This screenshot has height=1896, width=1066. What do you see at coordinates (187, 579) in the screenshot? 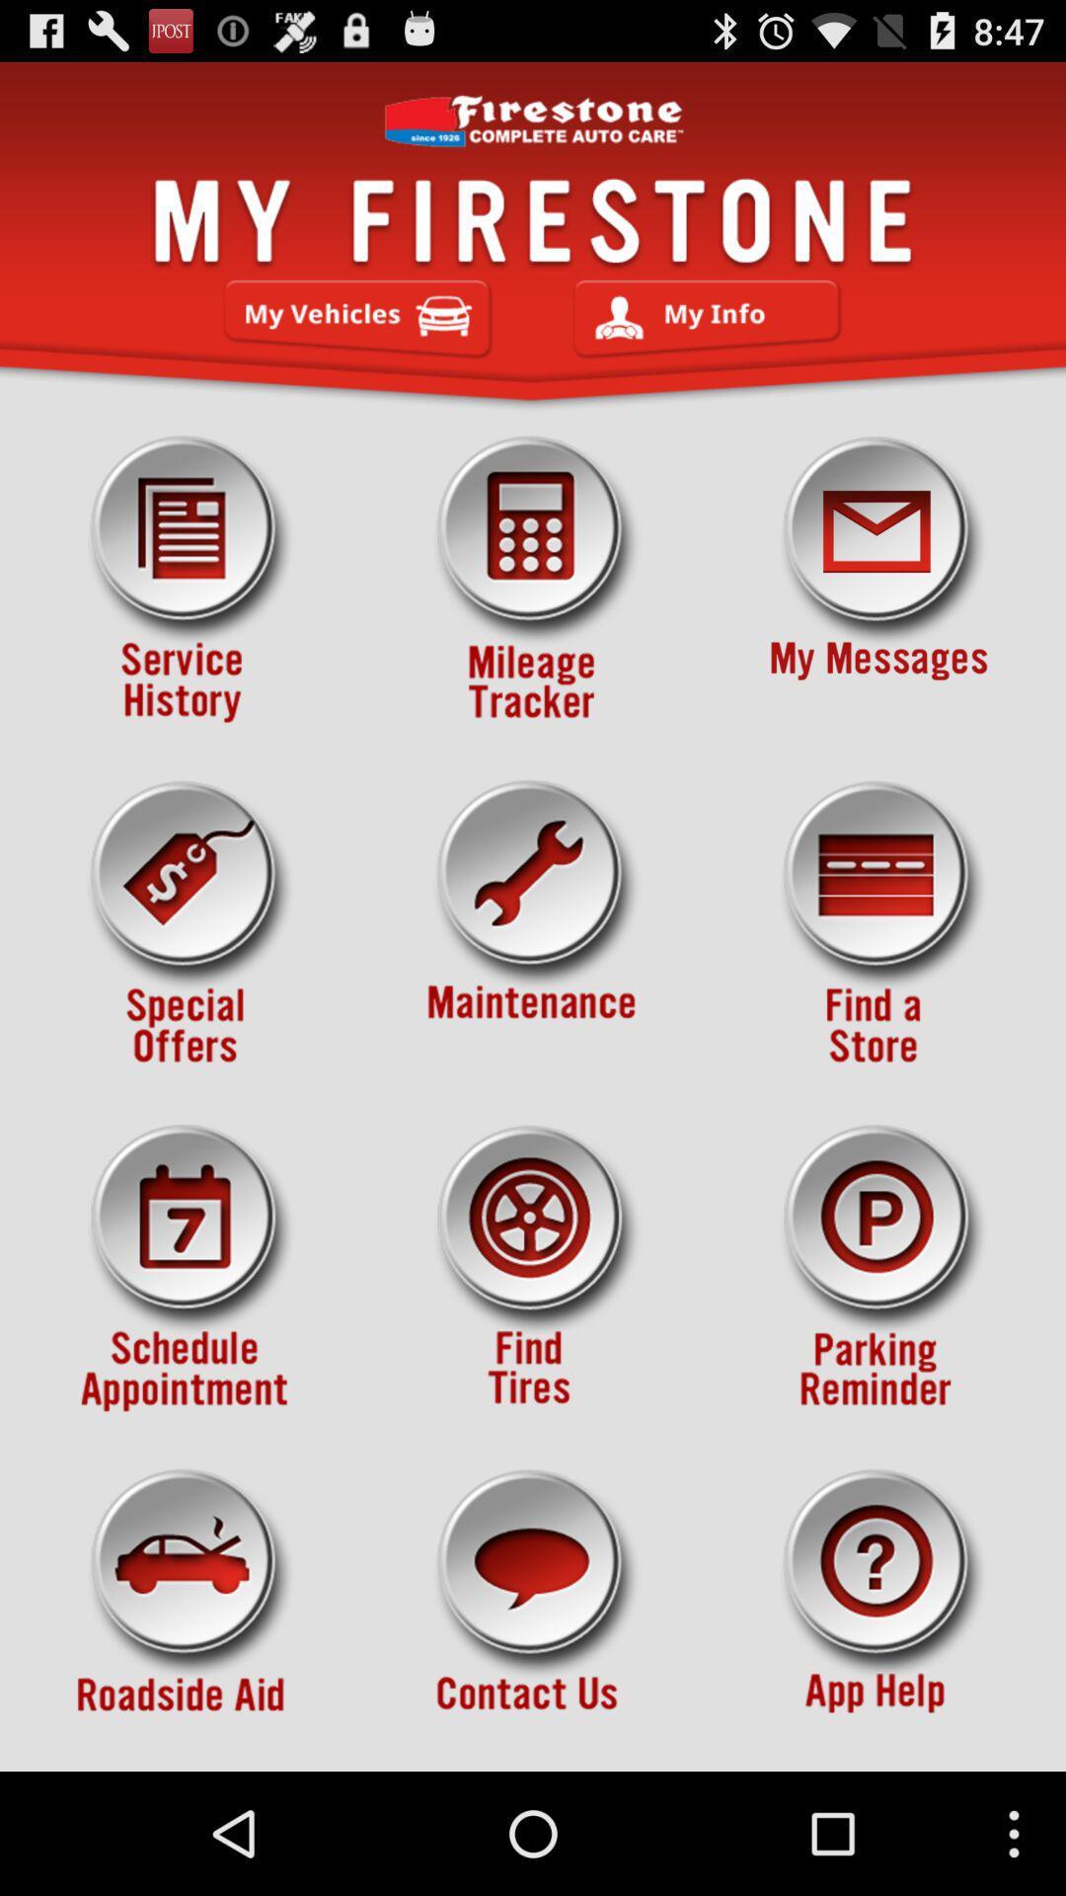
I see `service history` at bounding box center [187, 579].